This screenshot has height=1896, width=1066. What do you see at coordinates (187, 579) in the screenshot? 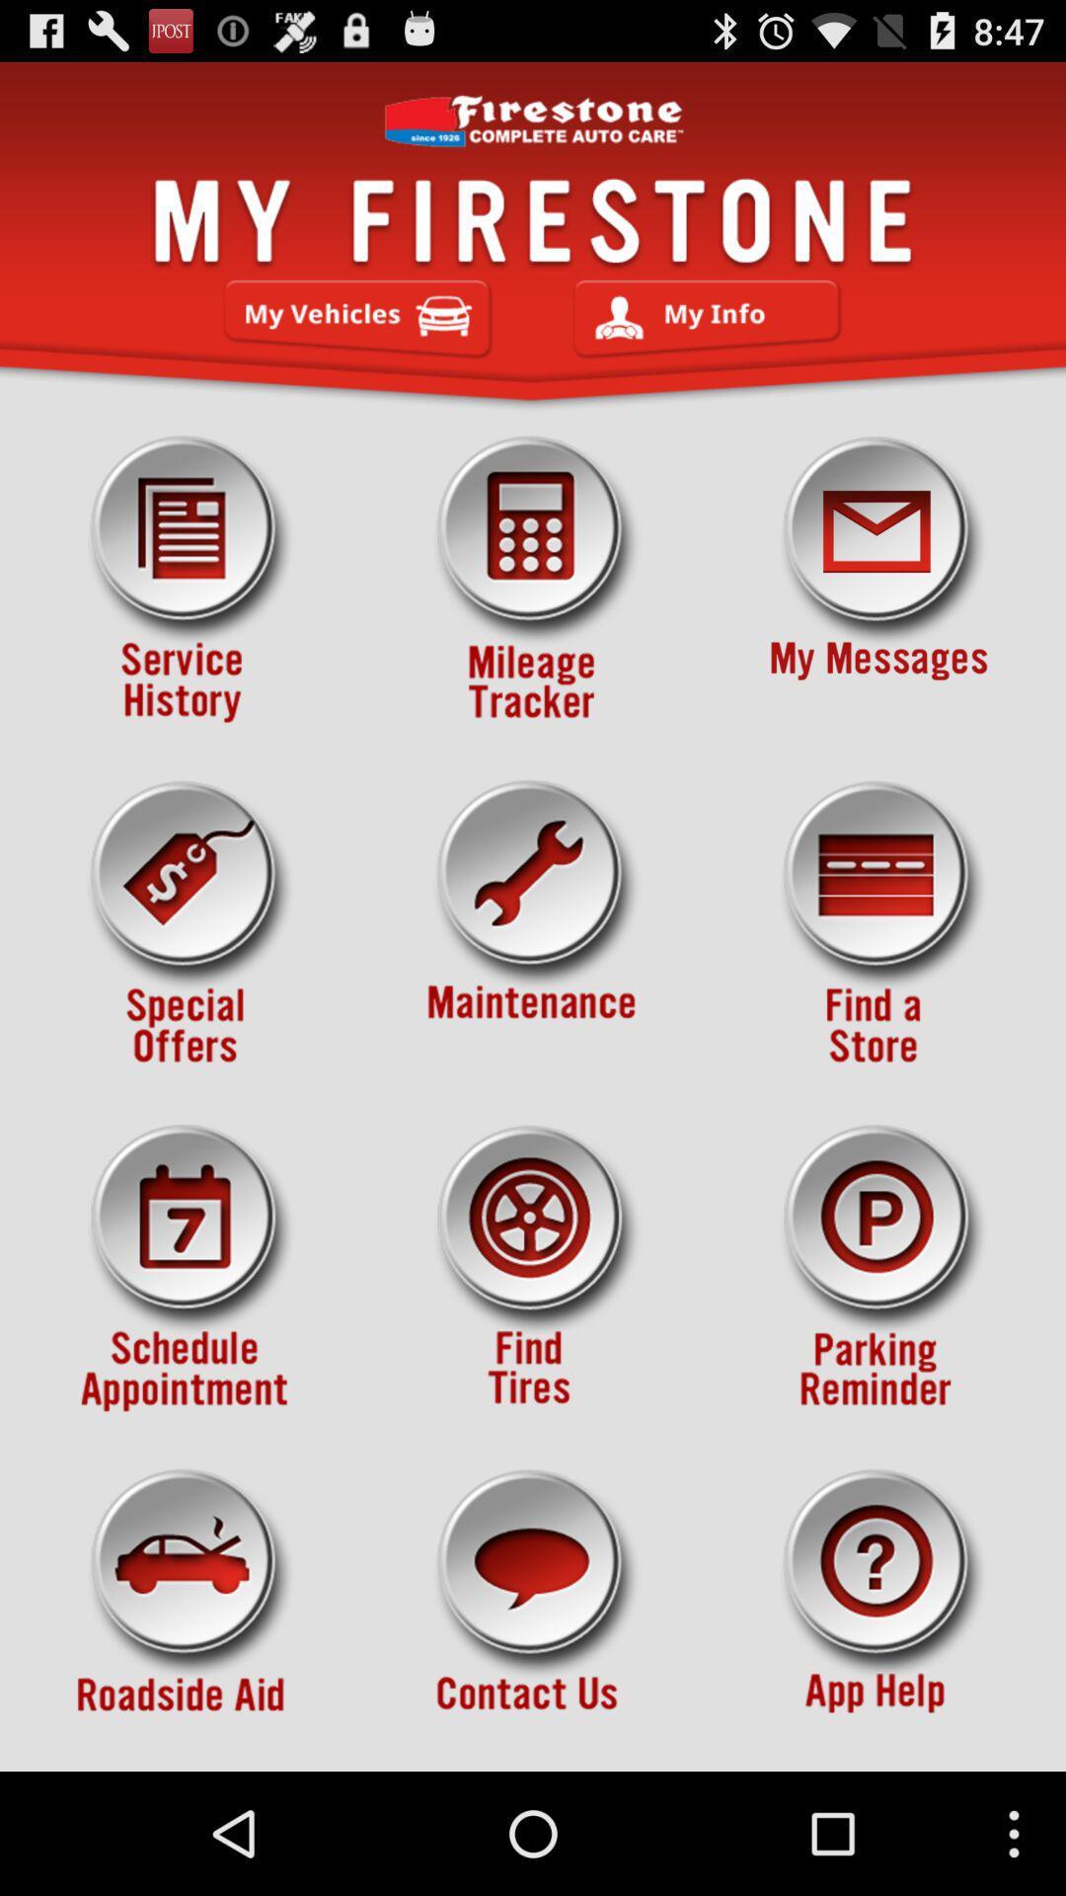
I see `service history` at bounding box center [187, 579].